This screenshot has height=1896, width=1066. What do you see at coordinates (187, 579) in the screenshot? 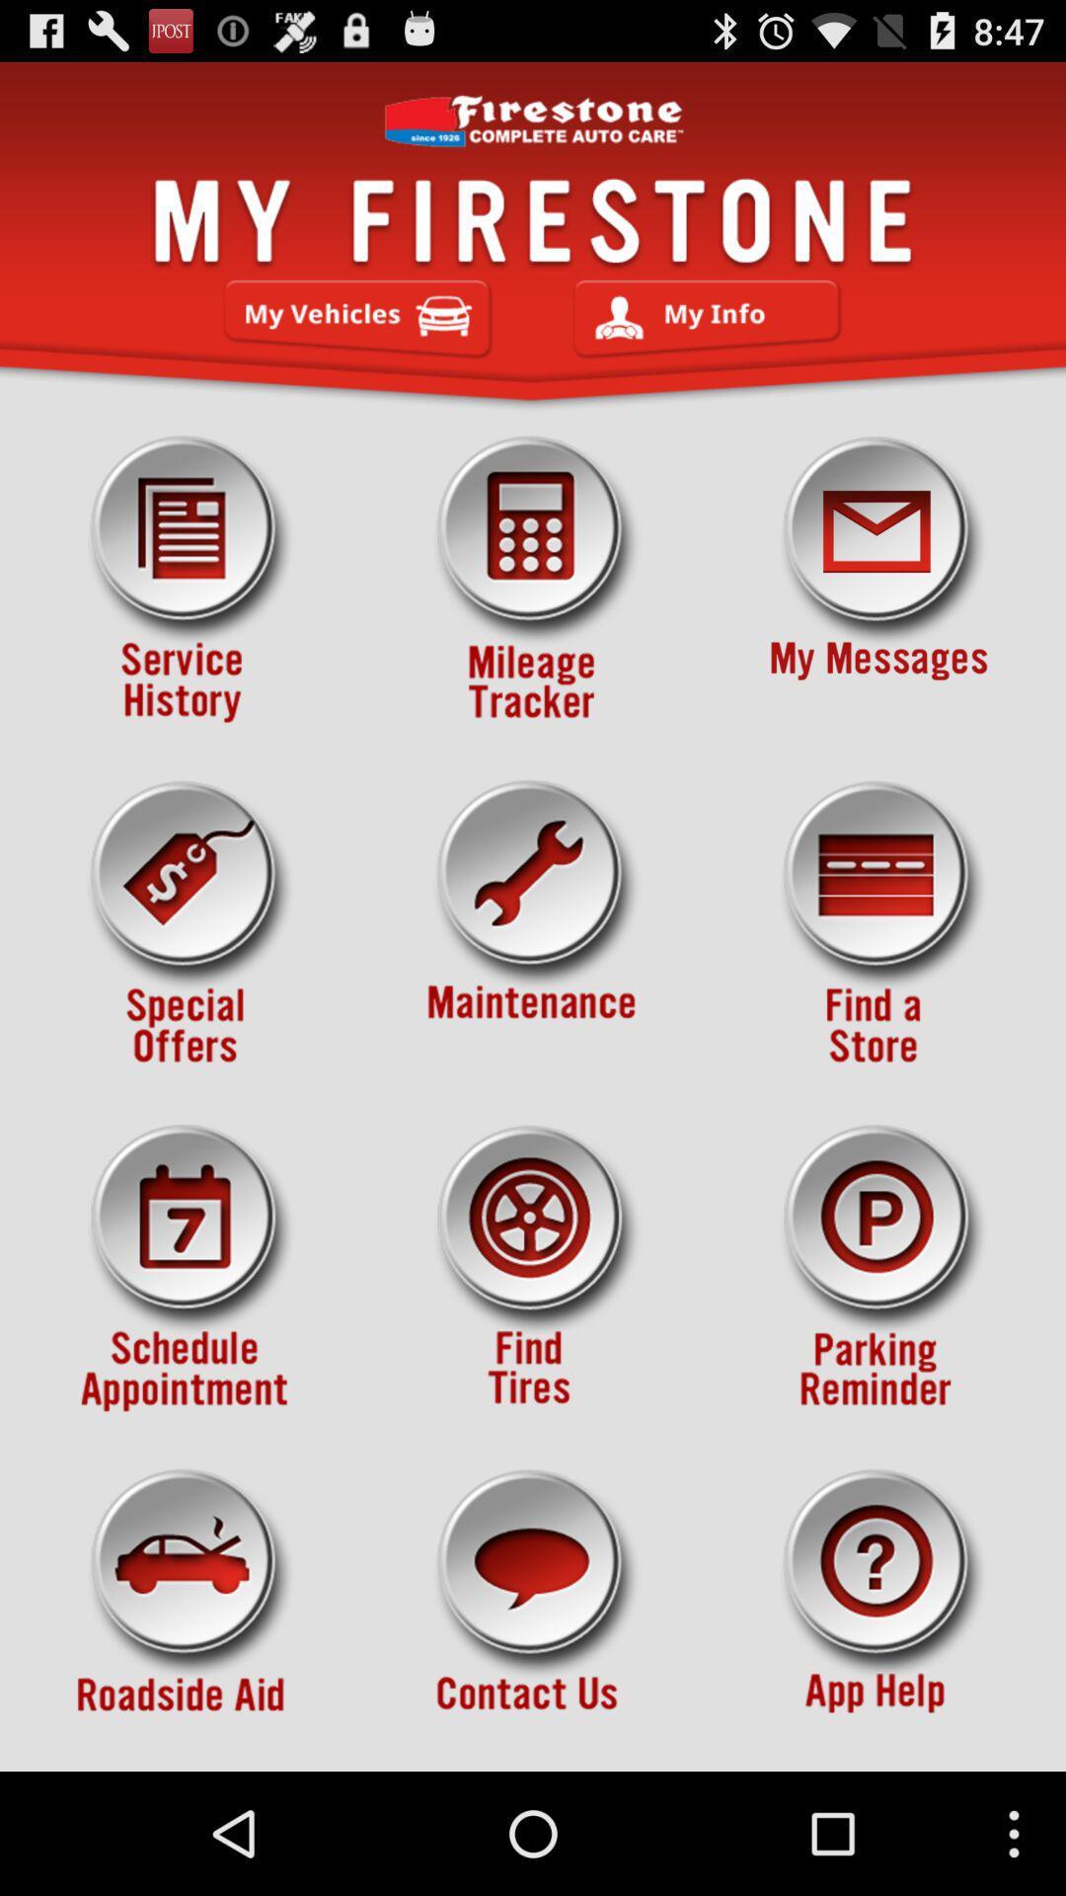
I see `service history` at bounding box center [187, 579].